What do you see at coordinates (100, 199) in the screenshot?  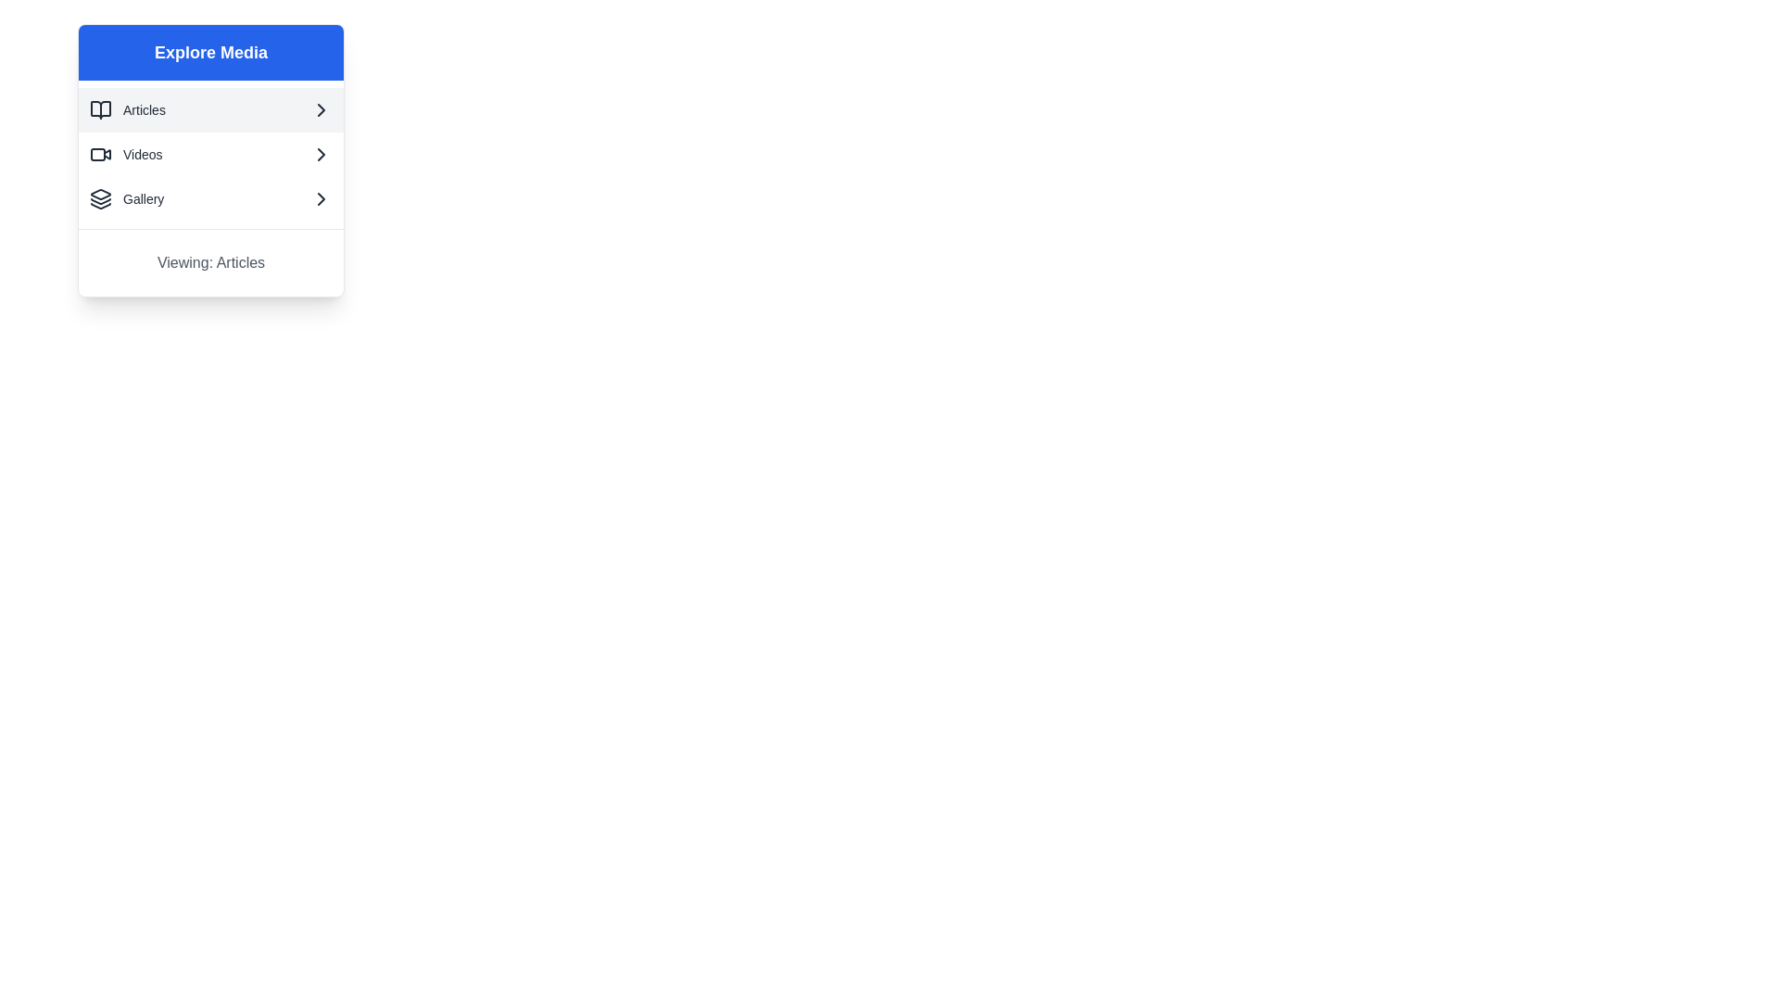 I see `the Gallery icon located at the leftmost position of the Gallery menu item in the sidebar interface for recognition` at bounding box center [100, 199].